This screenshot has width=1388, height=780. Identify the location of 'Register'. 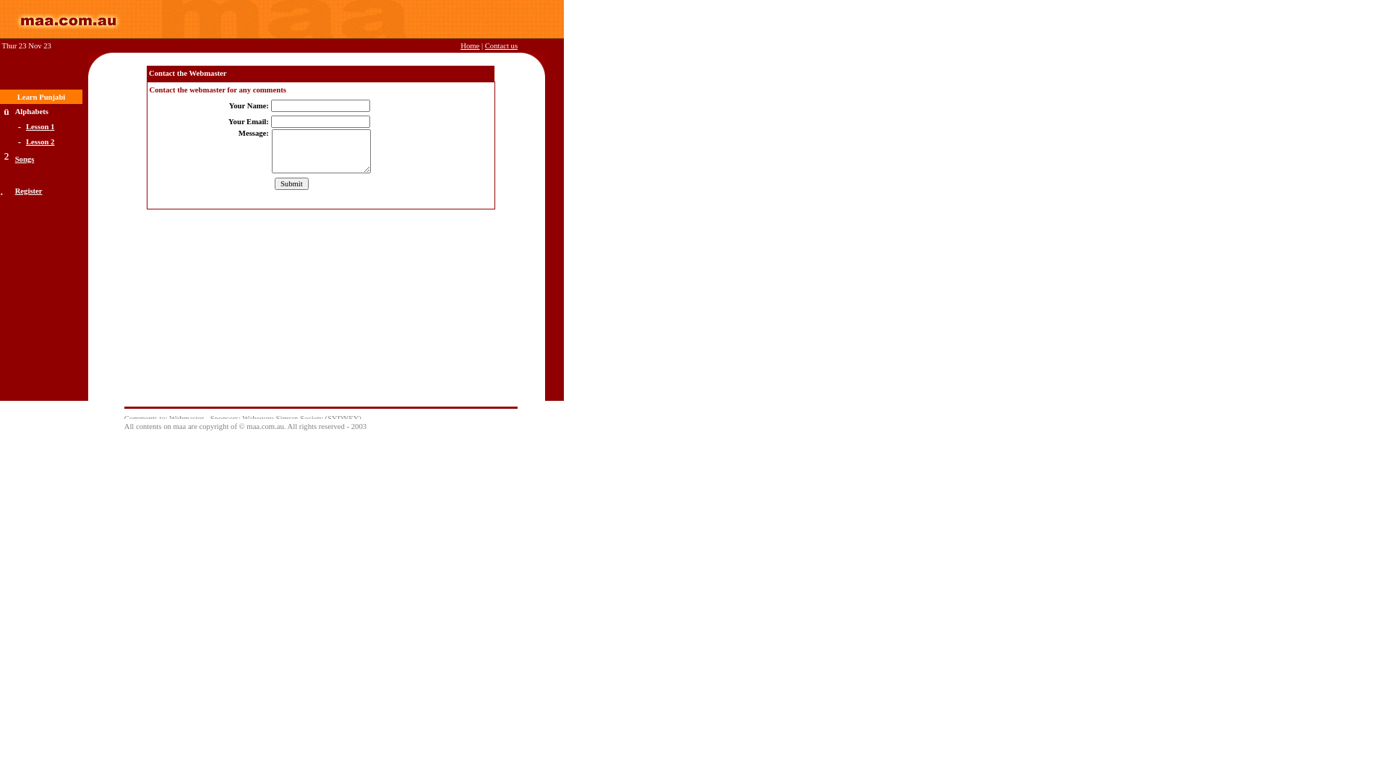
(28, 190).